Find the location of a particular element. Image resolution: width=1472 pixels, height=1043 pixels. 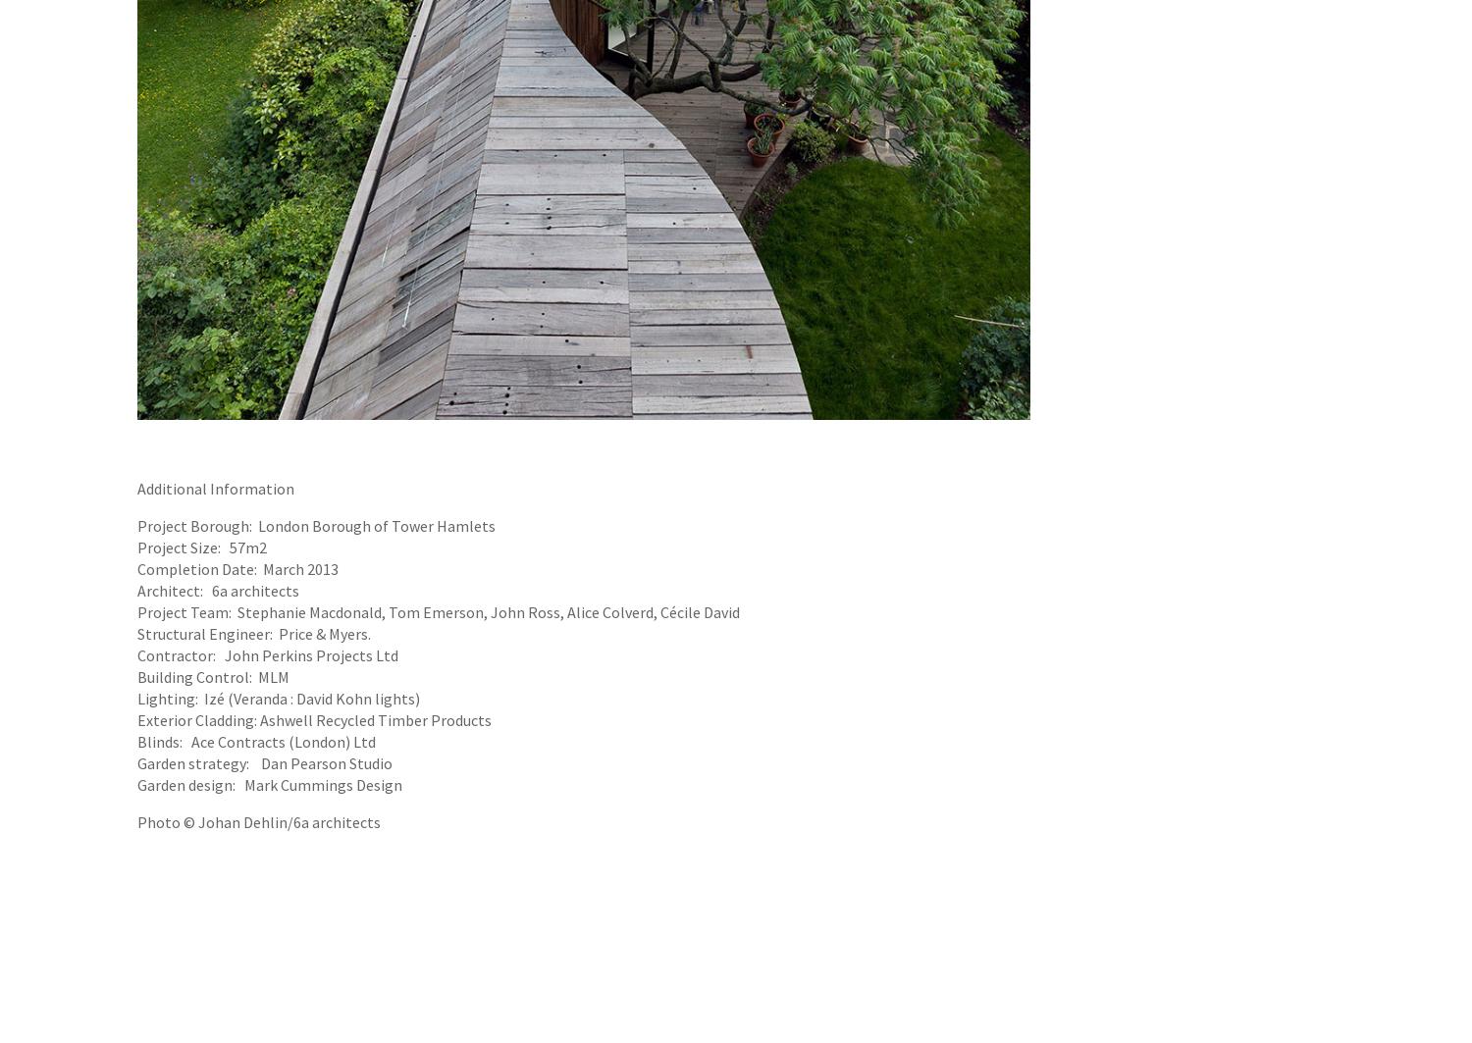

'Contractor:   John Perkins Projects Ltd' is located at coordinates (268, 653).